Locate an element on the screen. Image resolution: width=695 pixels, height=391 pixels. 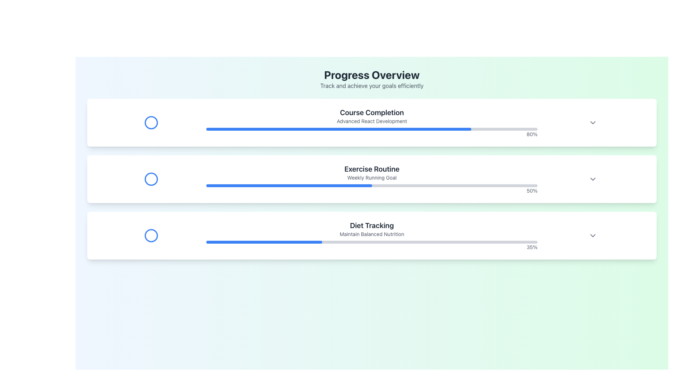
the circular element with a blue border that resembles a radio button, located next to the 'Diet Tracking' title in the left section of the third item in a vertical list of progress bars is located at coordinates (151, 236).